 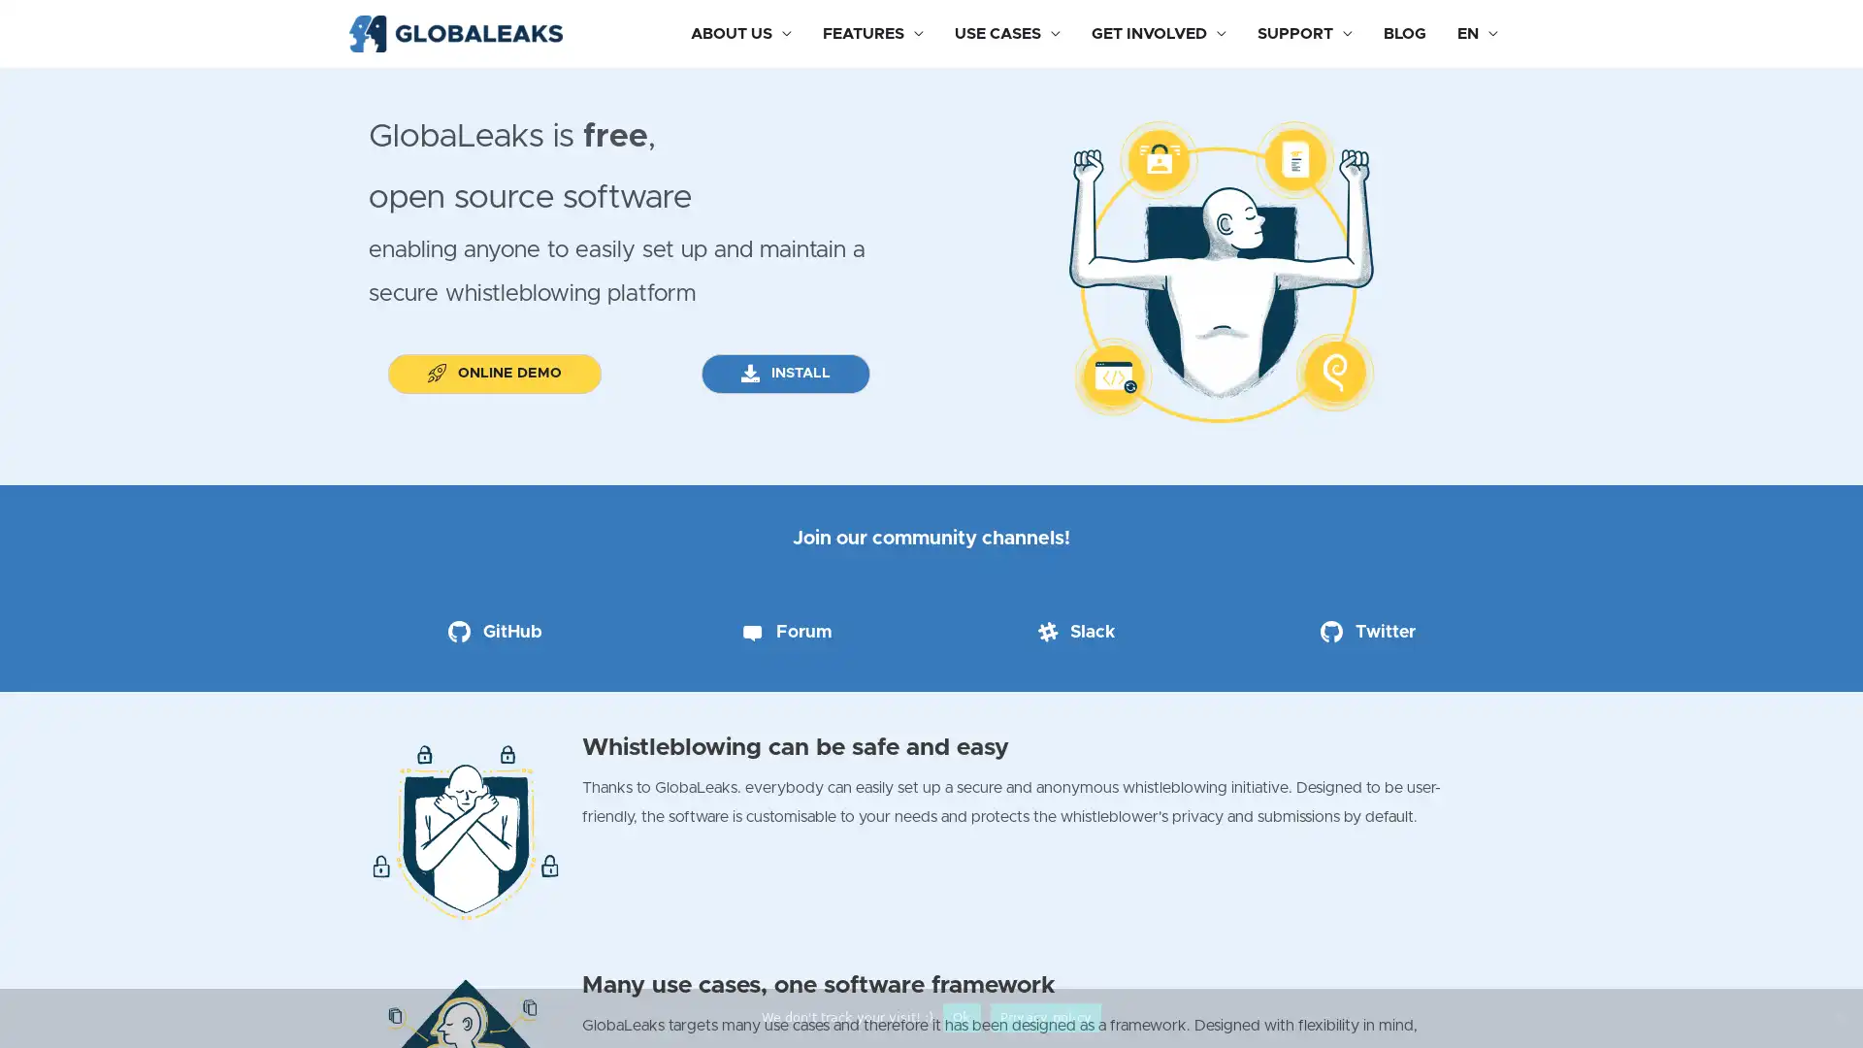 I want to click on INSTALL, so click(x=785, y=375).